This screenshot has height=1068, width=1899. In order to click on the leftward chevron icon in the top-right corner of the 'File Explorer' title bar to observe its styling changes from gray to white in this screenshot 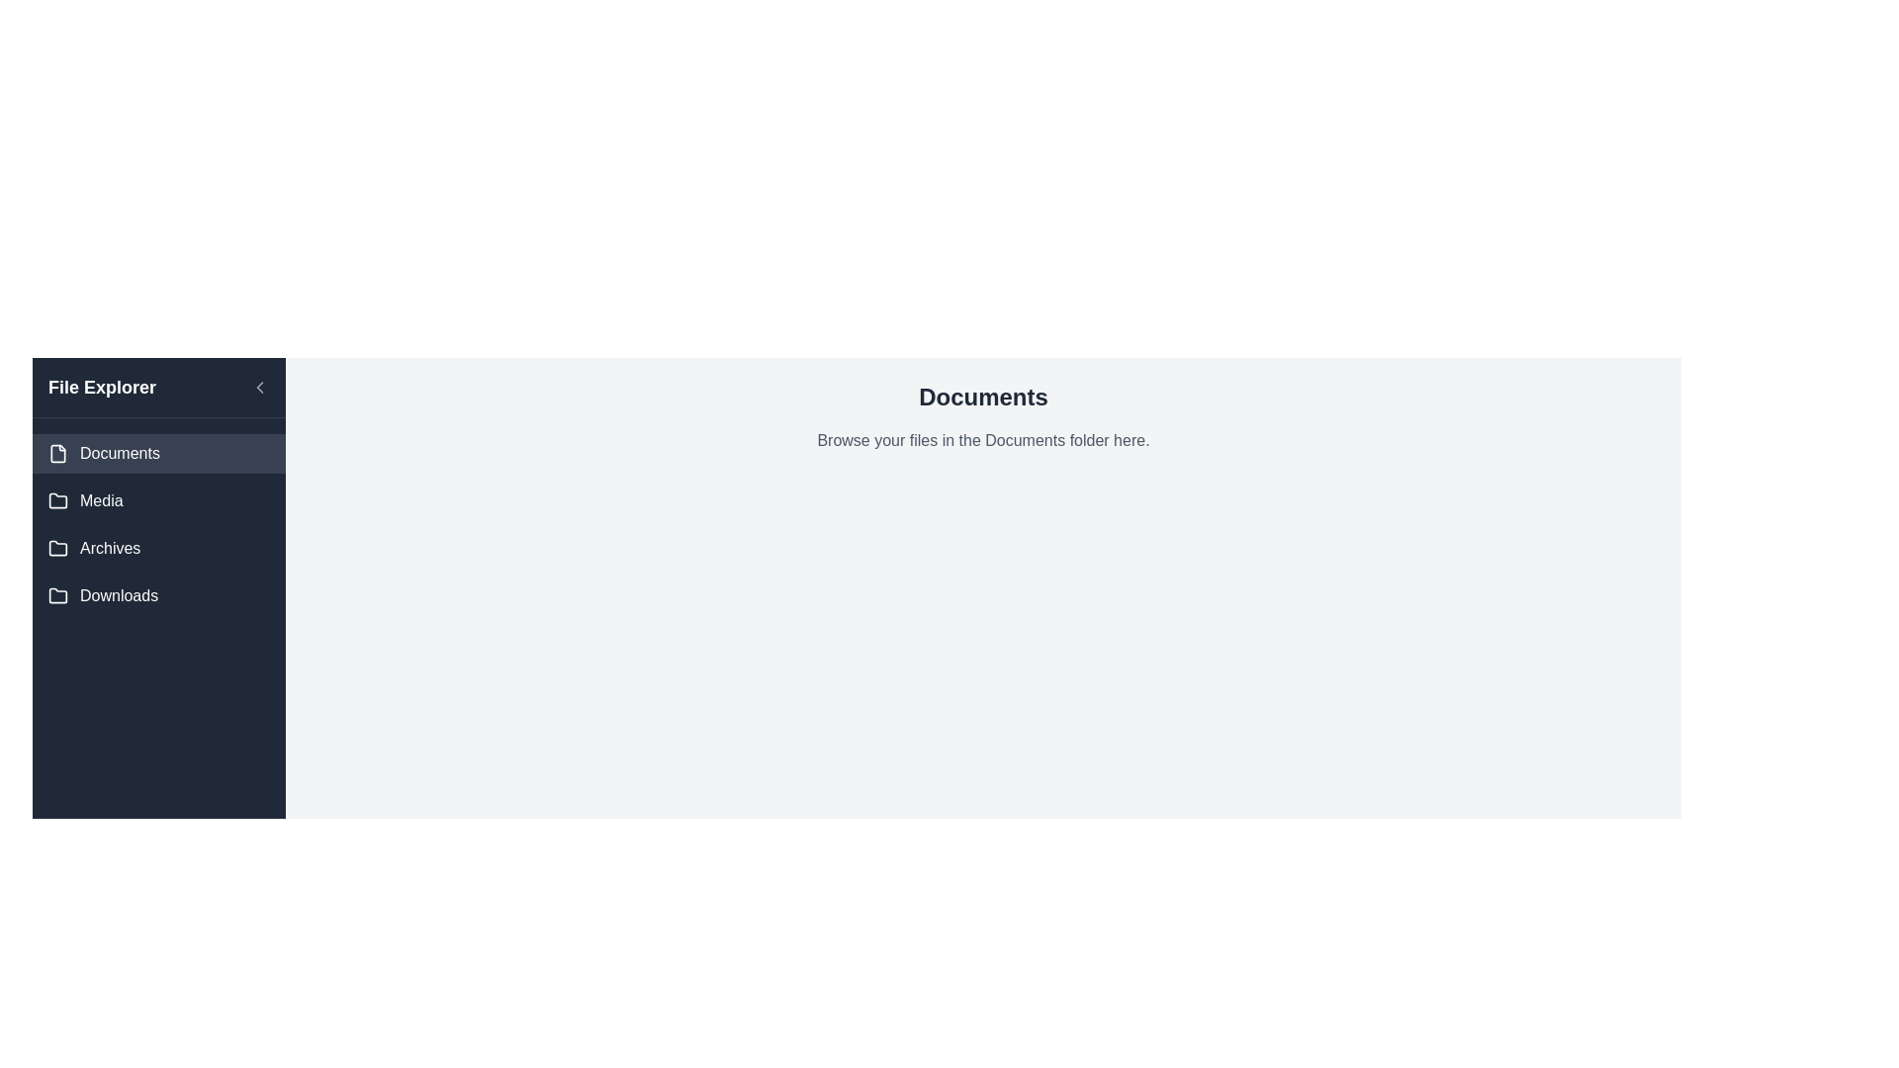, I will do `click(259, 388)`.